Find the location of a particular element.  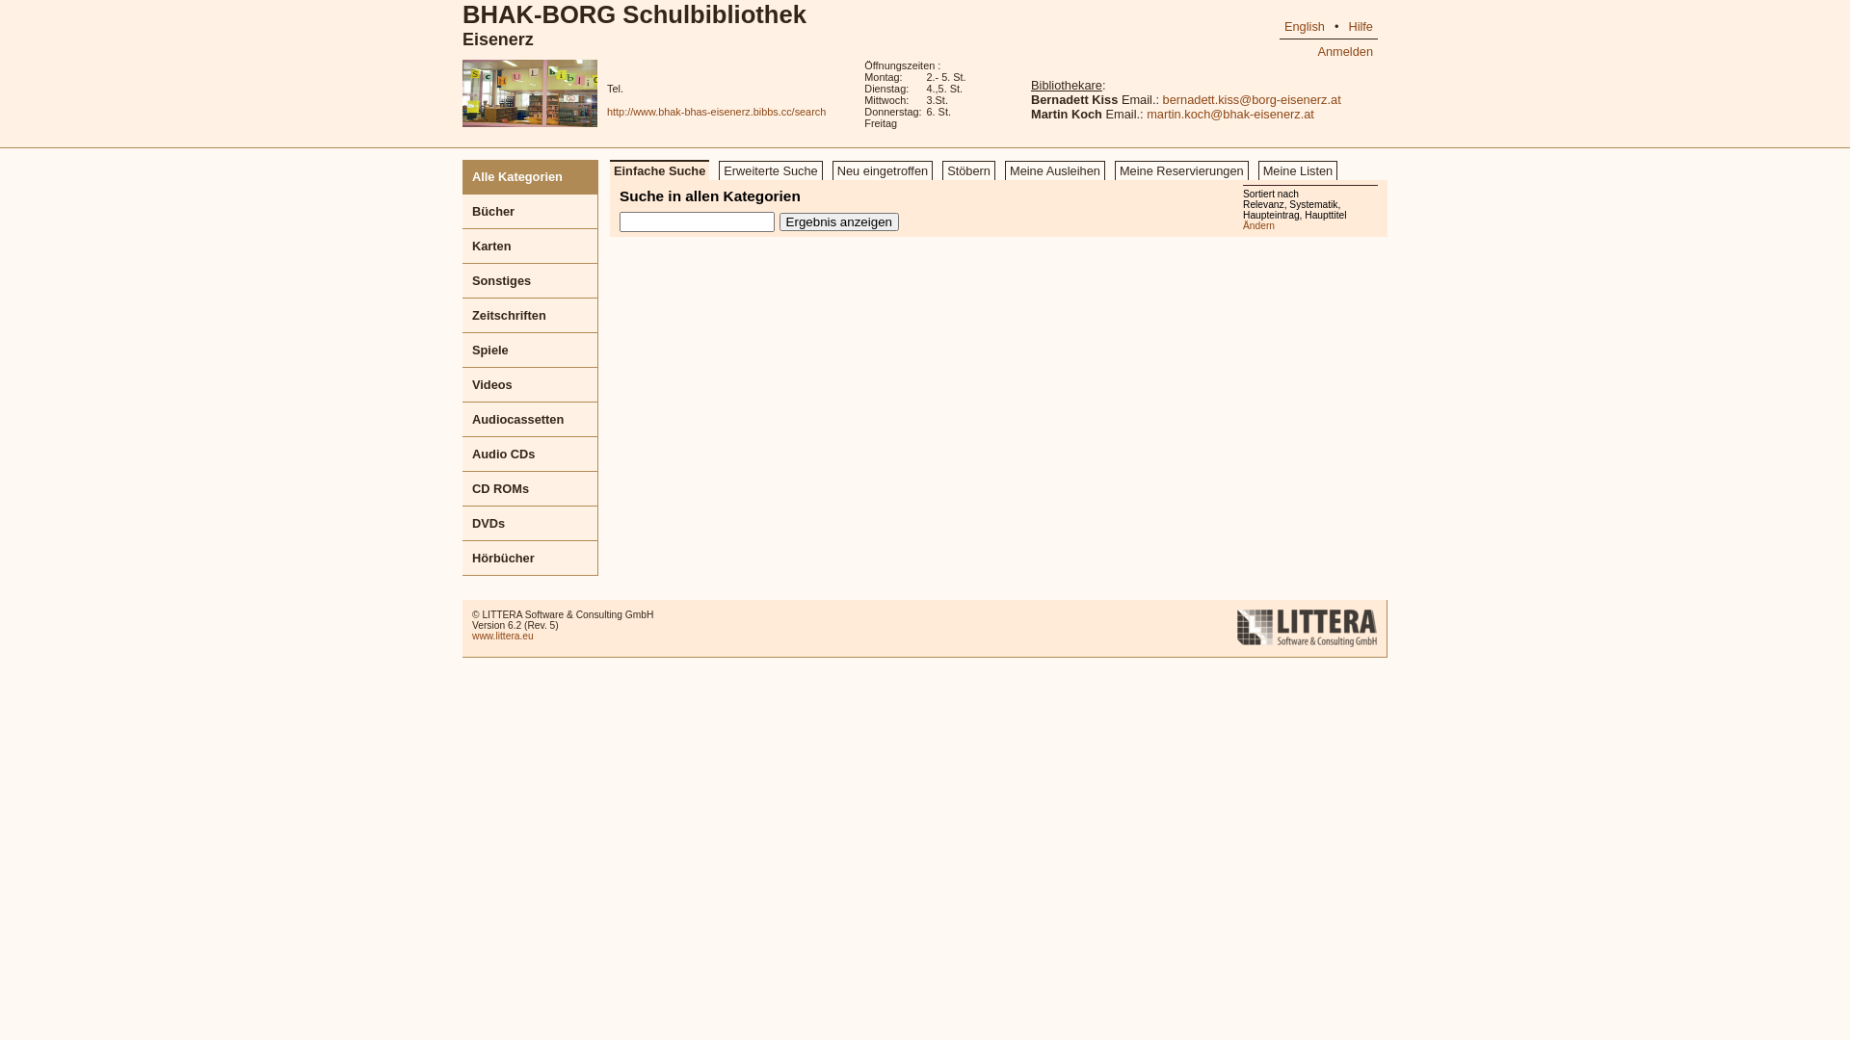

'Karten' is located at coordinates (530, 245).